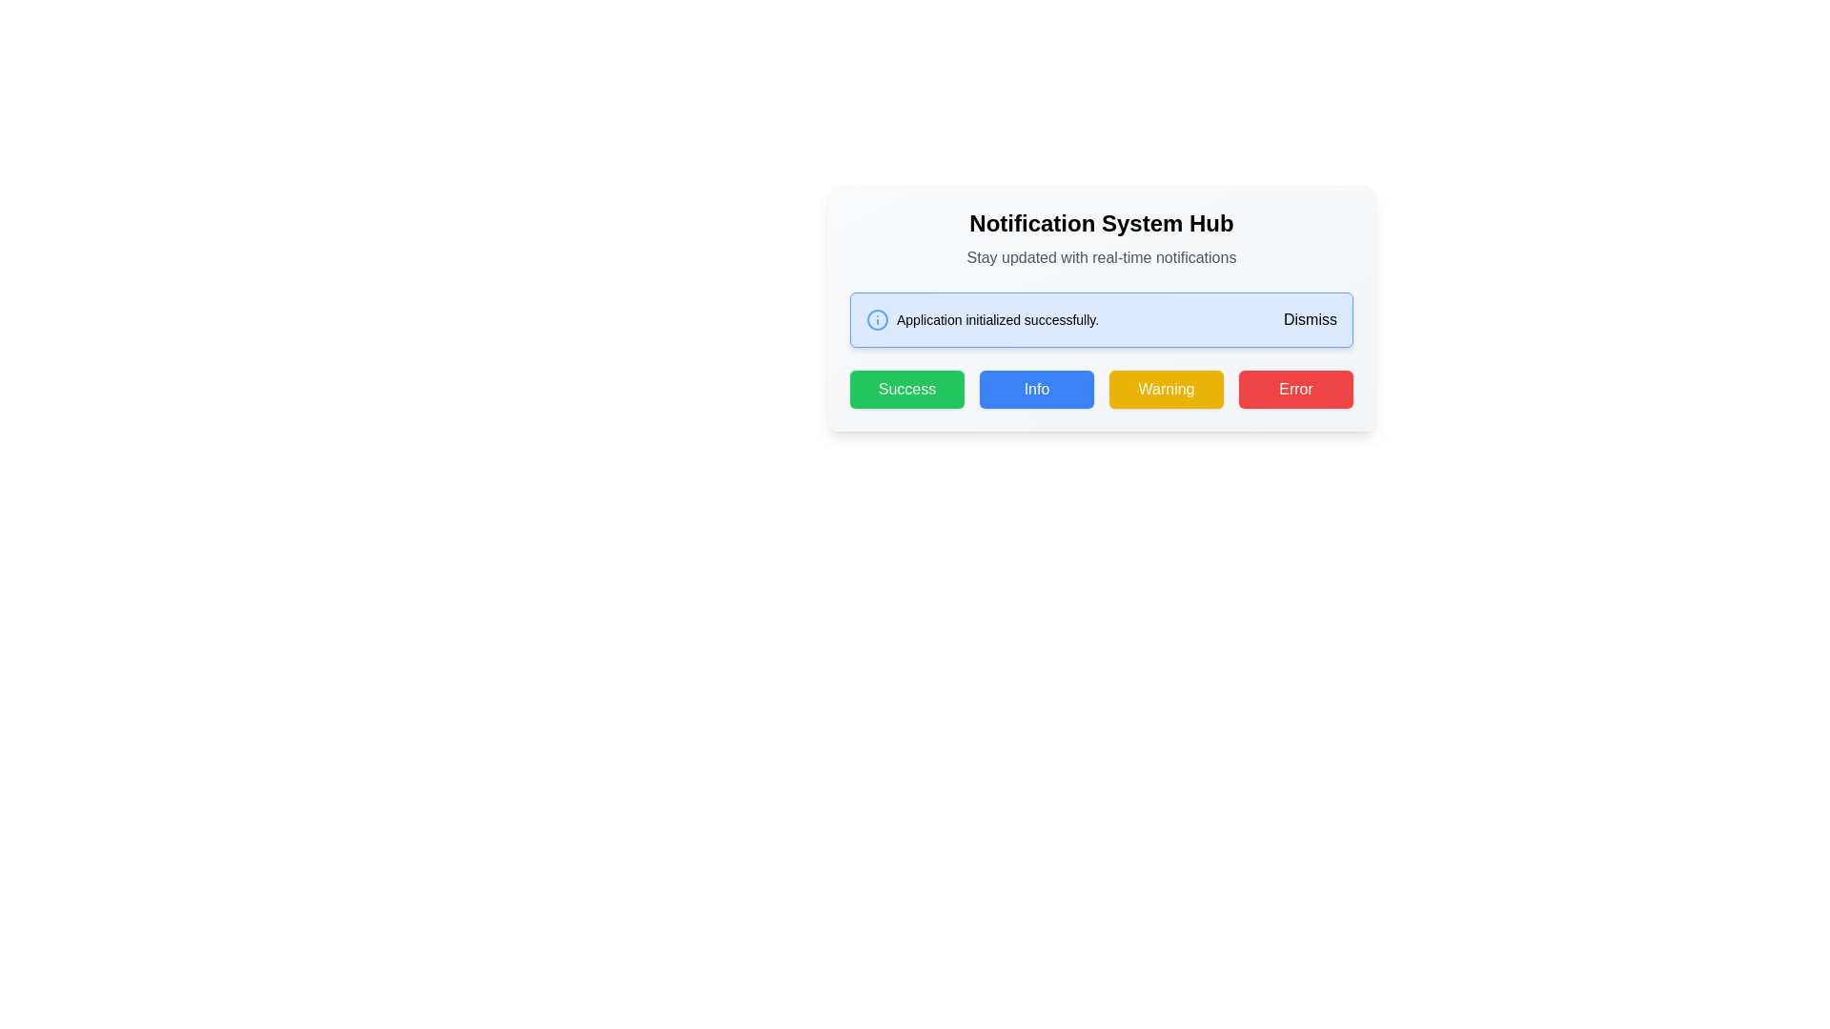 The width and height of the screenshot is (1830, 1029). I want to click on the red rectangular button labeled 'Error' with white text, which is the fourth button in a row of four buttons aligned to the right, so click(1295, 388).